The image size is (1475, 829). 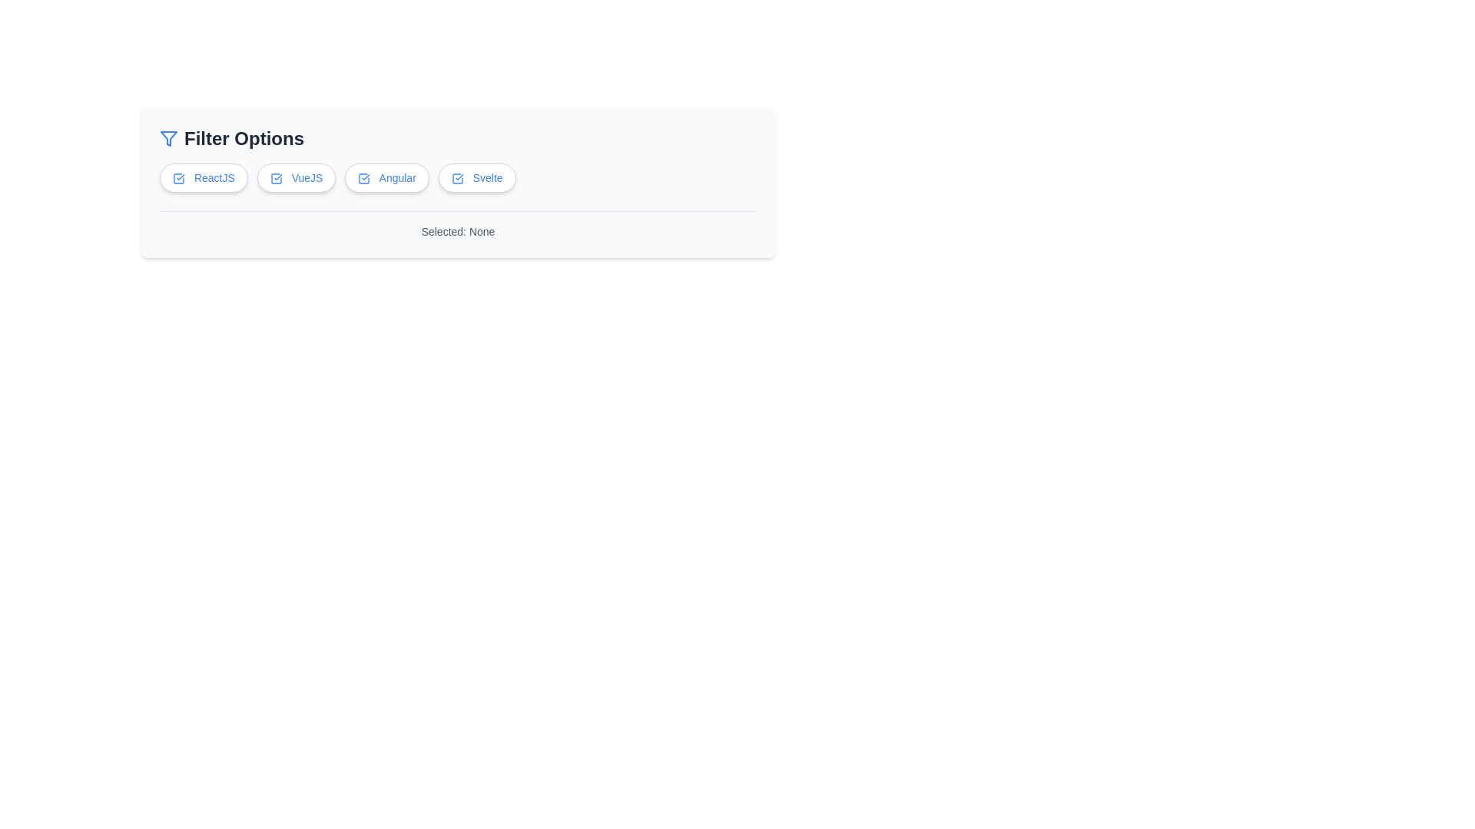 What do you see at coordinates (169, 139) in the screenshot?
I see `the blue funnel-shaped filter icon located to the left of the 'Filter Options' text in the heading area` at bounding box center [169, 139].